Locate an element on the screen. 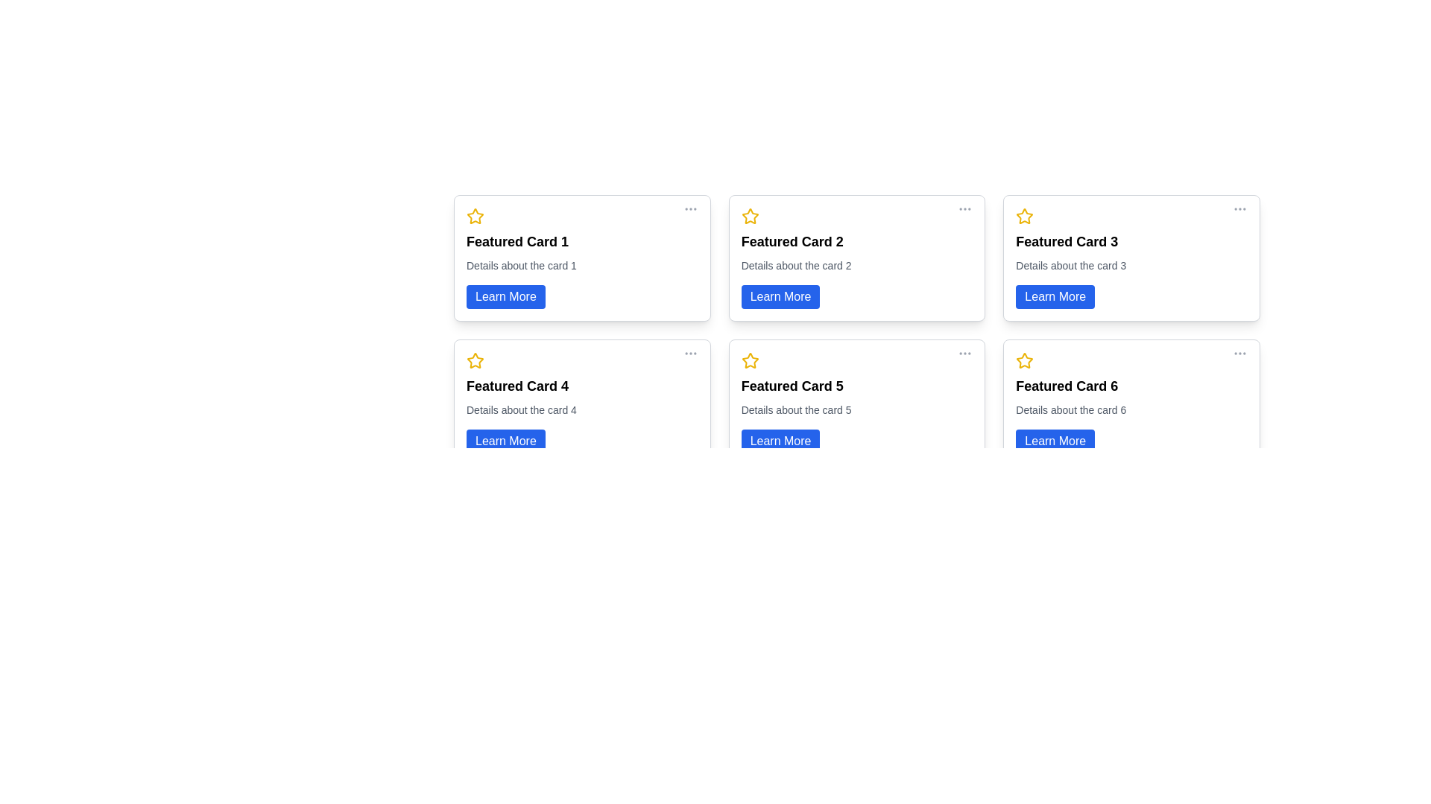 This screenshot has width=1431, height=804. the star icon at the top-left corner of the 'Featured Card 4', which serves as a visual indicator of the card's status is located at coordinates (475, 361).